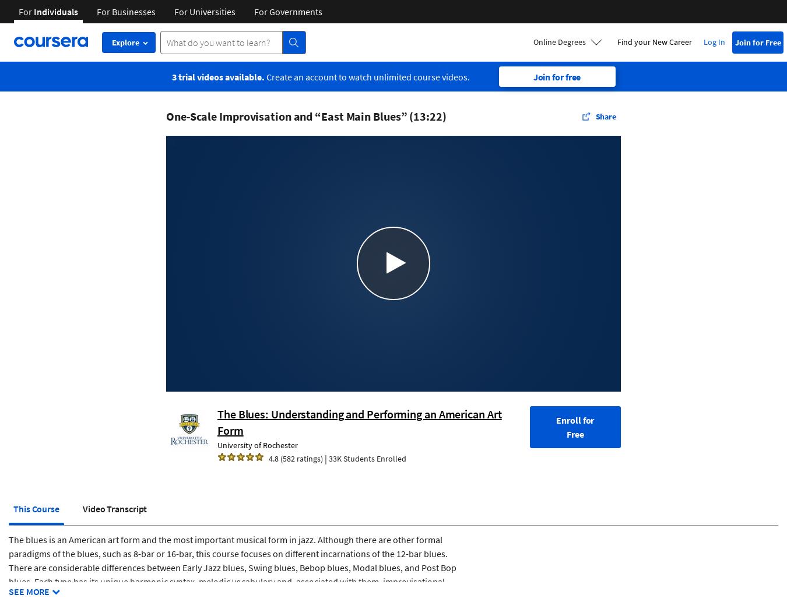  Describe the element at coordinates (359, 421) in the screenshot. I see `'The Blues: Understanding and Performing an American Art Form'` at that location.